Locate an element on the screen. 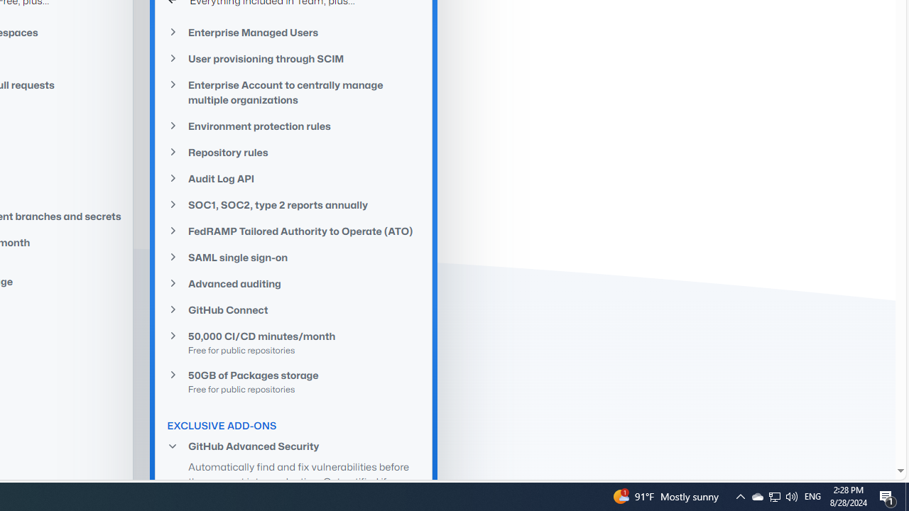 This screenshot has height=511, width=909. 'Environment protection rules' is located at coordinates (293, 126).